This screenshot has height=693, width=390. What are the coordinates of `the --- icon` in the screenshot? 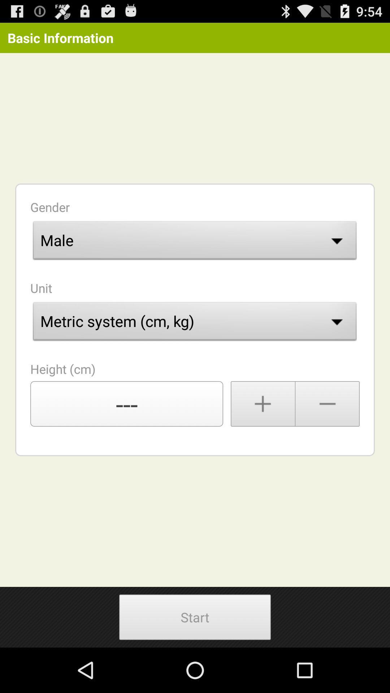 It's located at (126, 403).